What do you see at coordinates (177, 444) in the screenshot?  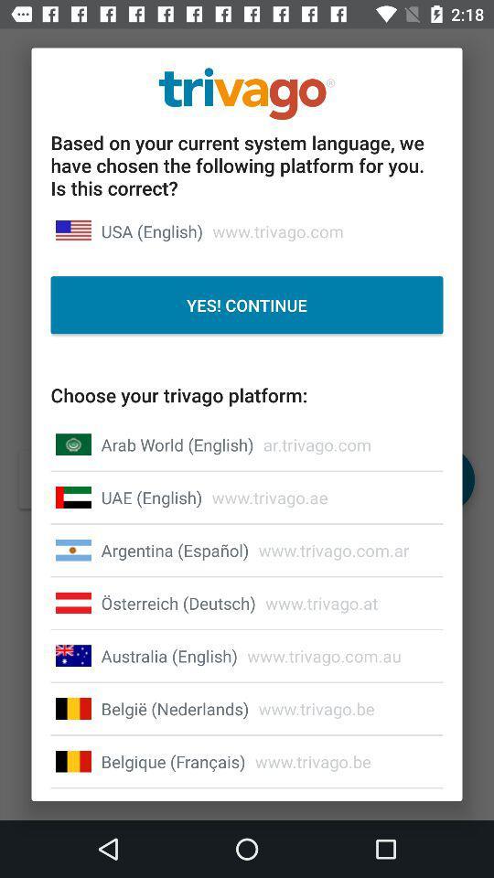 I see `item above uae (english) icon` at bounding box center [177, 444].